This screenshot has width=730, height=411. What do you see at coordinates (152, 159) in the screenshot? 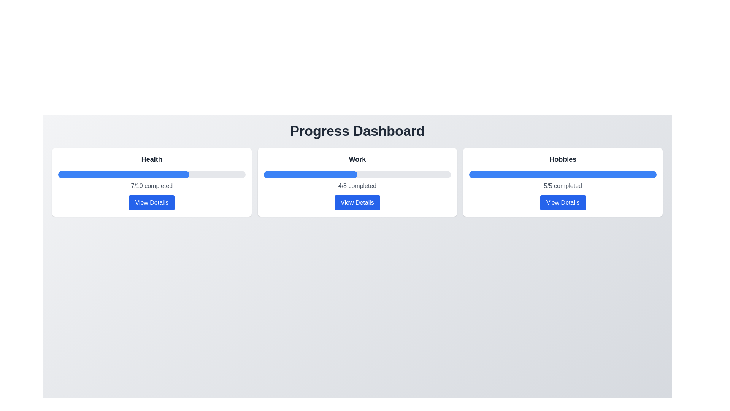
I see `the 'Health' text label located at the upper section of the leftmost card under the 'Progress Dashboard' heading` at bounding box center [152, 159].